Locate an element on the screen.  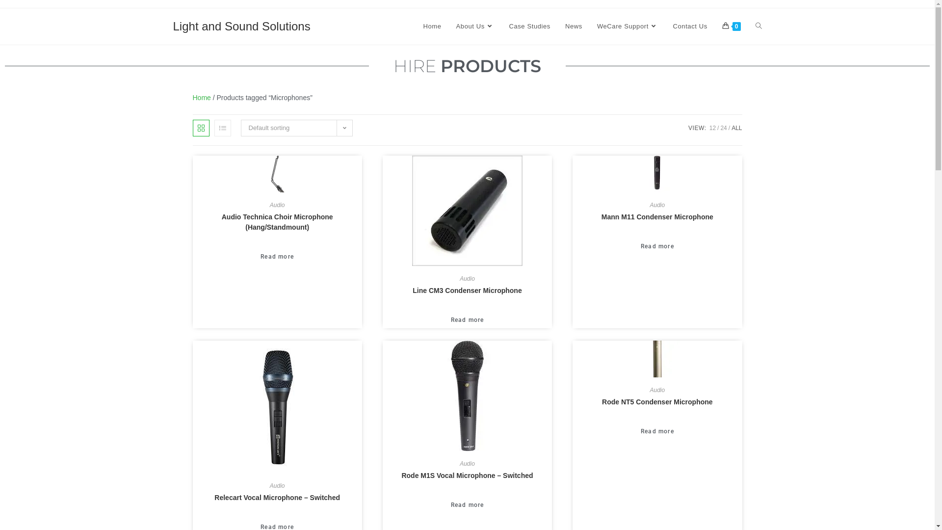
'Grid view' is located at coordinates (192, 128).